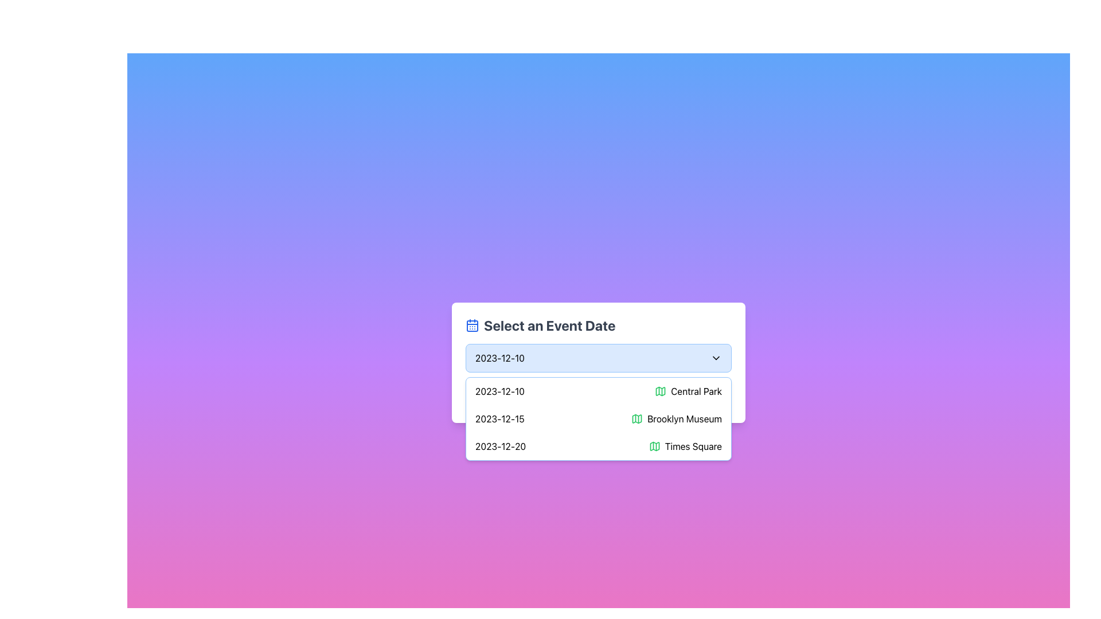  Describe the element at coordinates (473, 325) in the screenshot. I see `the calendar icon located to the left of the 'Select an Event Date' text in the dropdown header area` at that location.